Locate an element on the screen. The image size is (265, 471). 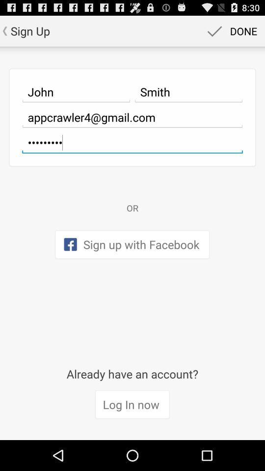
the icon to the right of john is located at coordinates (188, 92).